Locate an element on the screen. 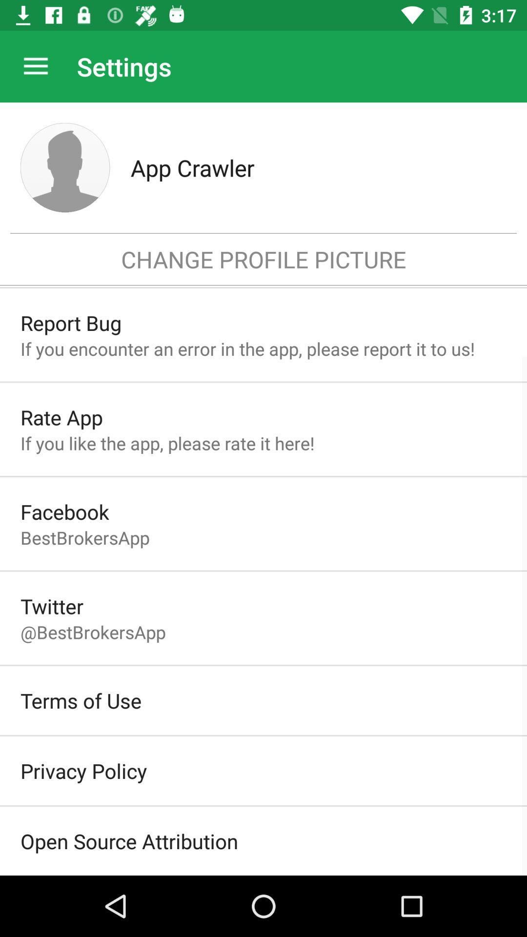 The image size is (527, 937). profile picture changing is located at coordinates (65, 167).